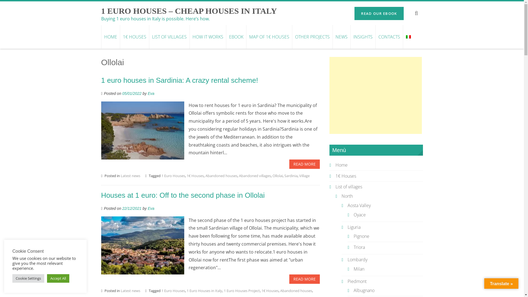 This screenshot has width=528, height=297. Describe the element at coordinates (378, 13) in the screenshot. I see `'READ OUR EBOOK'` at that location.